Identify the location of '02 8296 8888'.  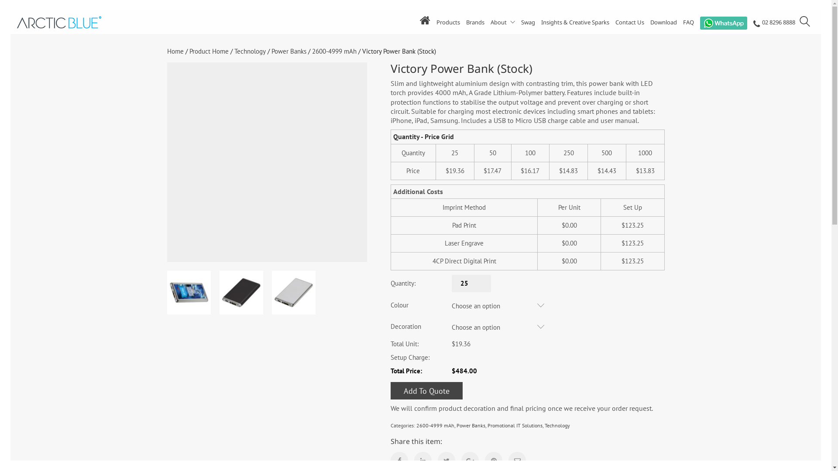
(774, 23).